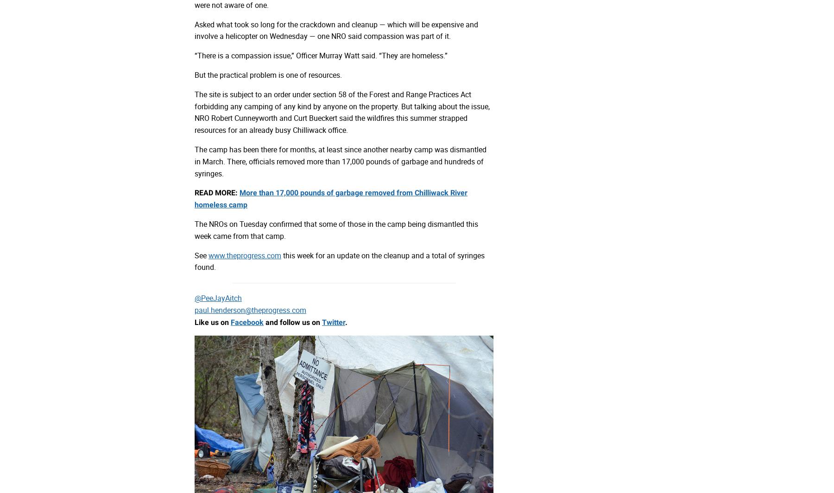 The height and width of the screenshot is (493, 834). I want to click on 'But the practical problem is one of resources.', so click(194, 74).